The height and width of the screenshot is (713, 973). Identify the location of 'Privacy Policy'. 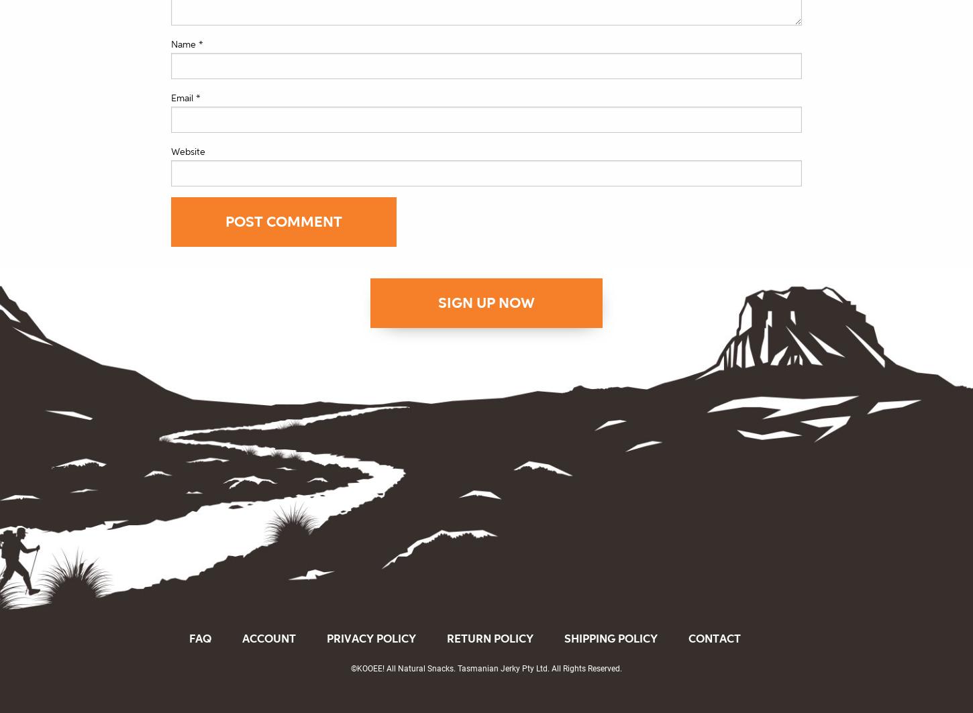
(371, 638).